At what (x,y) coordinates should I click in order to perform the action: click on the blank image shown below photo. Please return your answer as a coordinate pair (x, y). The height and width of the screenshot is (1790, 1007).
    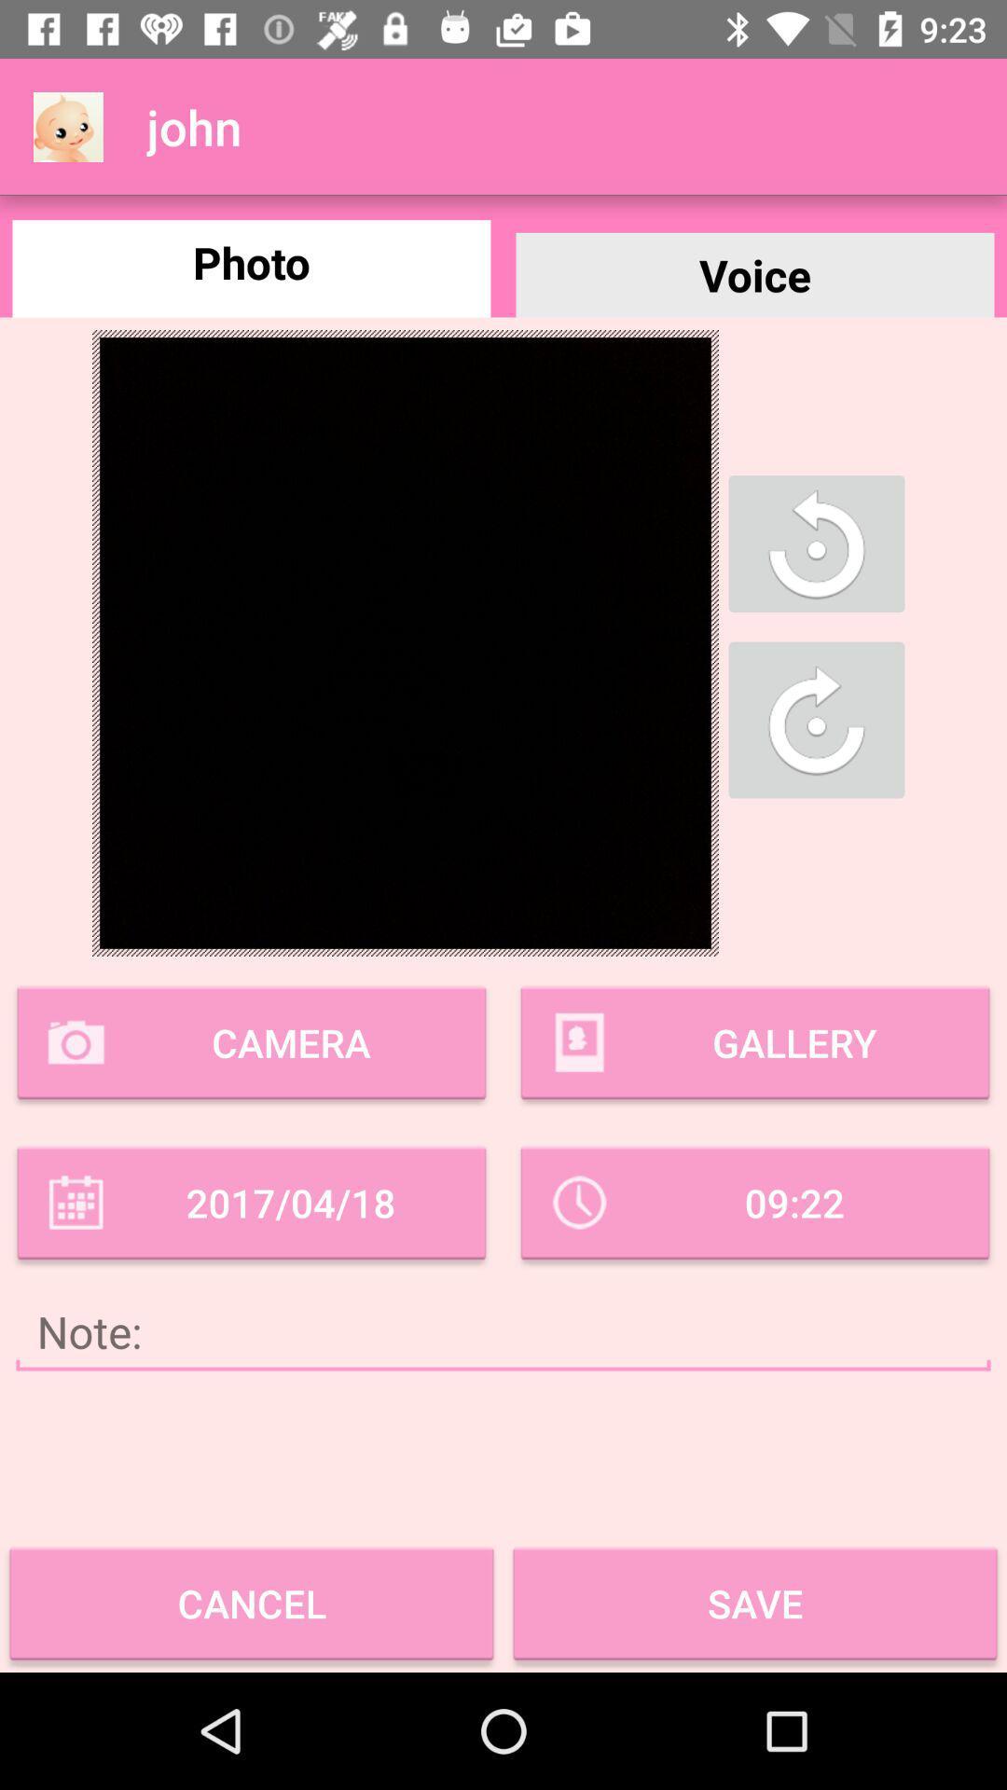
    Looking at the image, I should click on (405, 643).